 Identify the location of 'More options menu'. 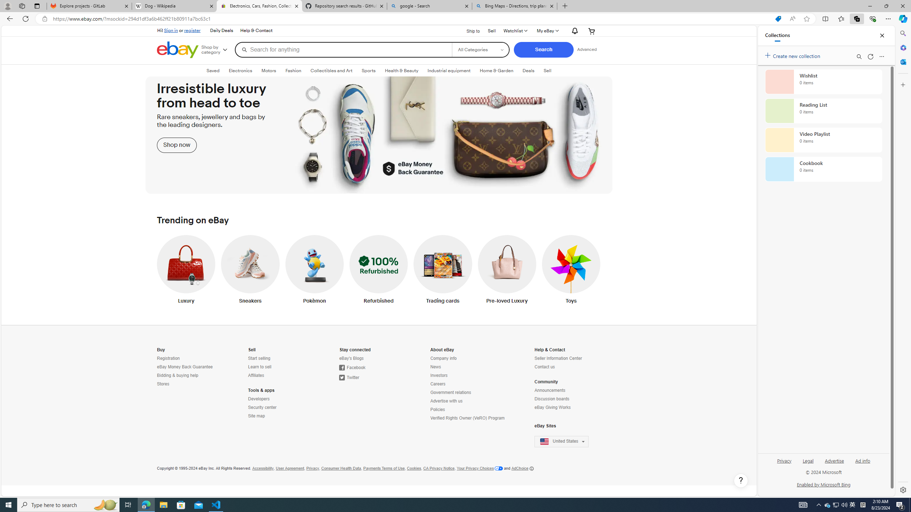
(882, 56).